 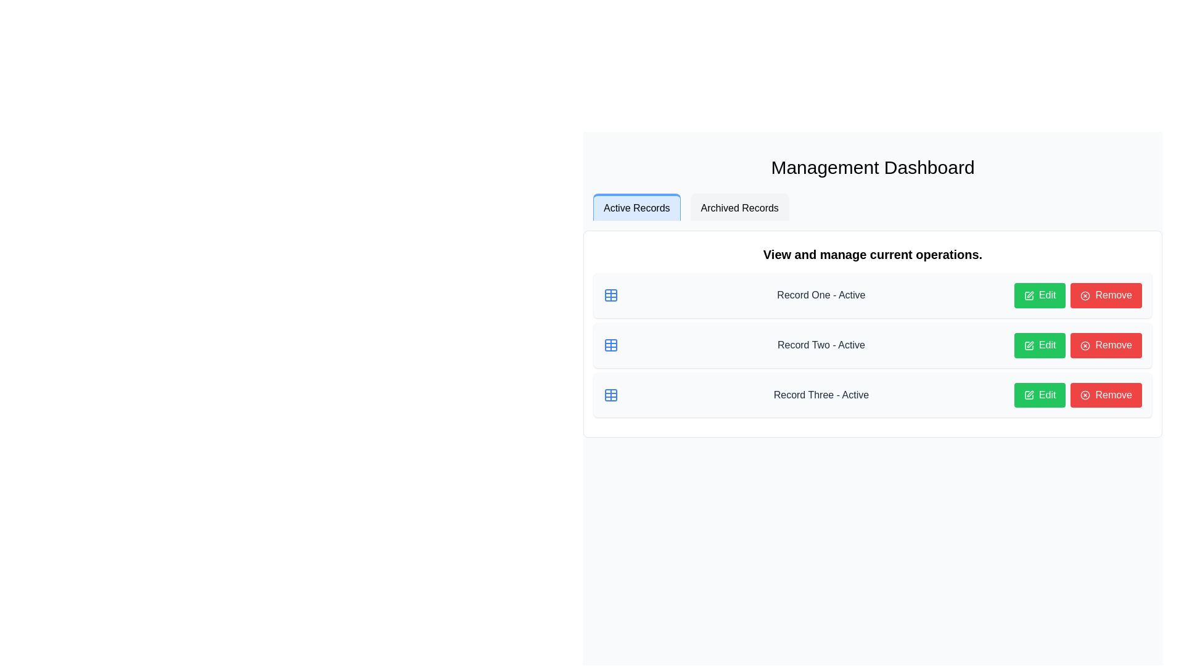 What do you see at coordinates (1085, 395) in the screenshot?
I see `the remove icon, which is a circular button with a cross in the center, located at the rightmost part of a row in the Management Dashboard table, to initiate a remove action` at bounding box center [1085, 395].